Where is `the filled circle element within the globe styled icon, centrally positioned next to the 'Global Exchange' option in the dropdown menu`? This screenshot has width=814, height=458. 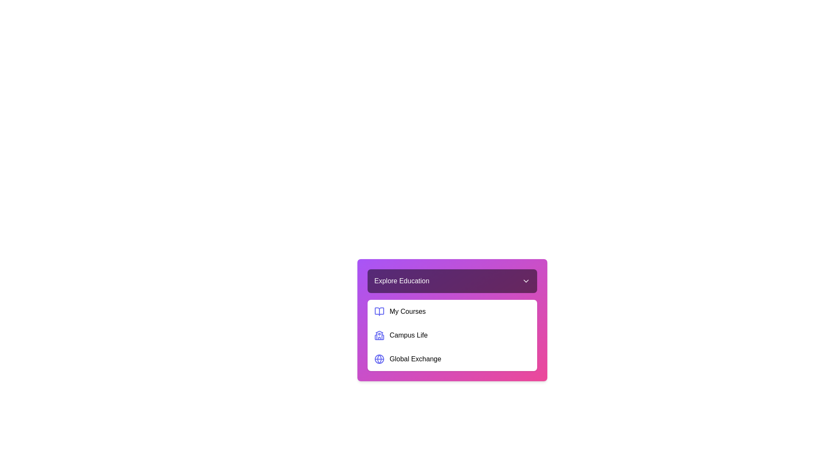 the filled circle element within the globe styled icon, centrally positioned next to the 'Global Exchange' option in the dropdown menu is located at coordinates (379, 359).